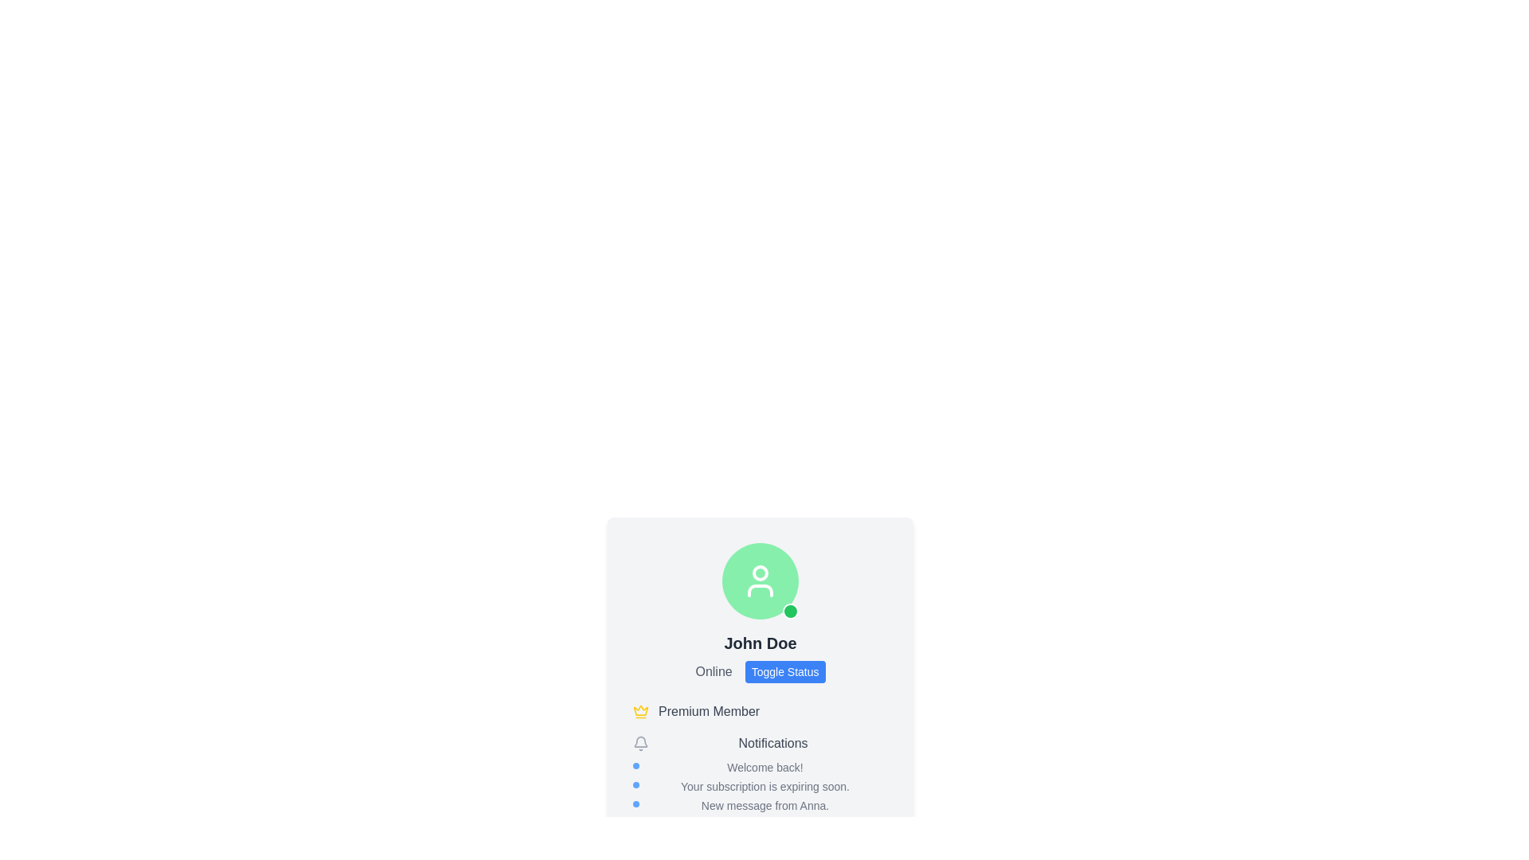 This screenshot has height=860, width=1529. What do you see at coordinates (760, 642) in the screenshot?
I see `the label displaying 'John Doe', which is positioned below the green circular user icon in the profile section` at bounding box center [760, 642].